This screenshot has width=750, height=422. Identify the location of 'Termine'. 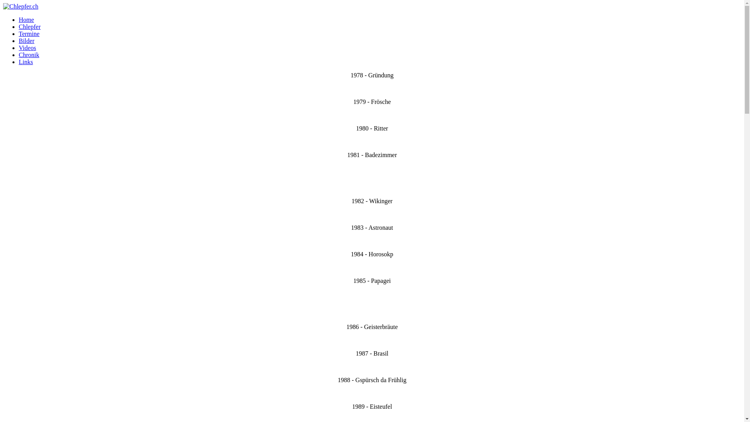
(29, 33).